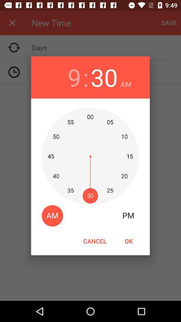  Describe the element at coordinates (95, 241) in the screenshot. I see `the cancel item` at that location.